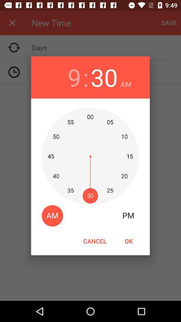  Describe the element at coordinates (95, 241) in the screenshot. I see `the cancel item` at that location.